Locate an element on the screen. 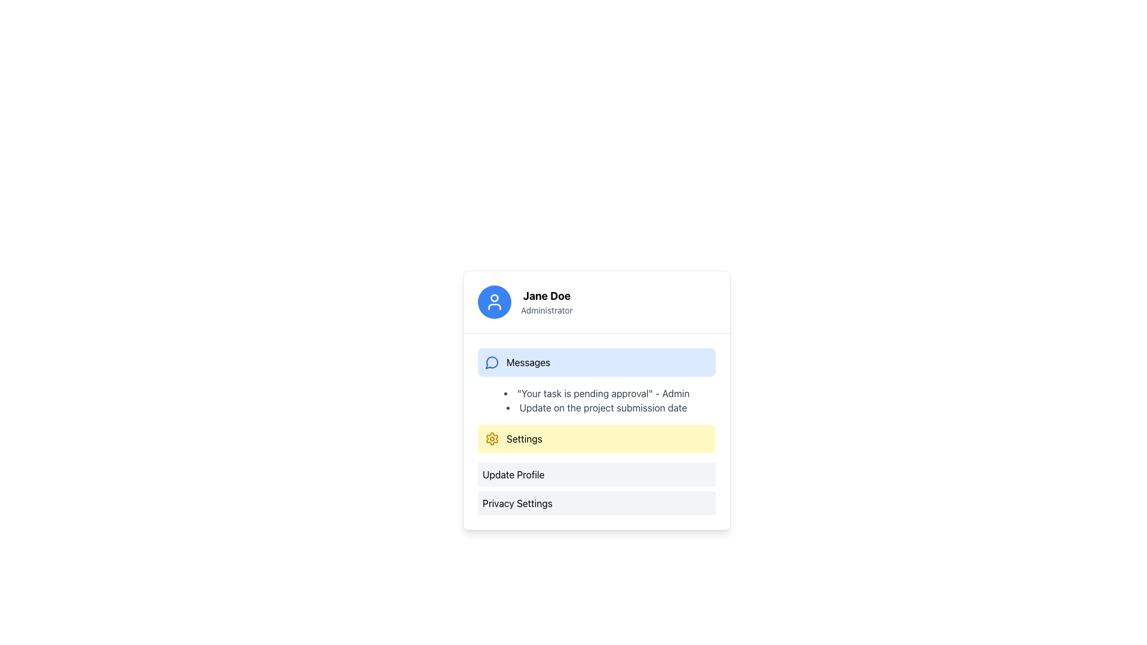  the SVG Circle representing the user's head within the user profile icon adjacent to 'Jane Doe' is located at coordinates (495, 297).